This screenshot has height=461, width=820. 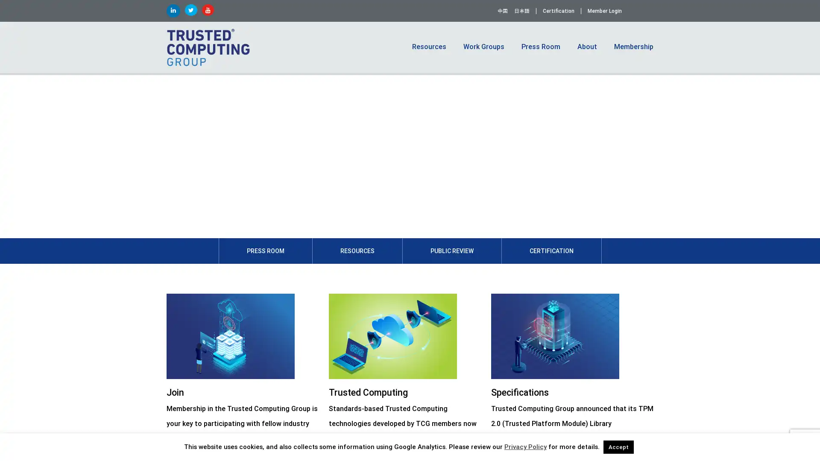 What do you see at coordinates (618, 446) in the screenshot?
I see `Accept` at bounding box center [618, 446].